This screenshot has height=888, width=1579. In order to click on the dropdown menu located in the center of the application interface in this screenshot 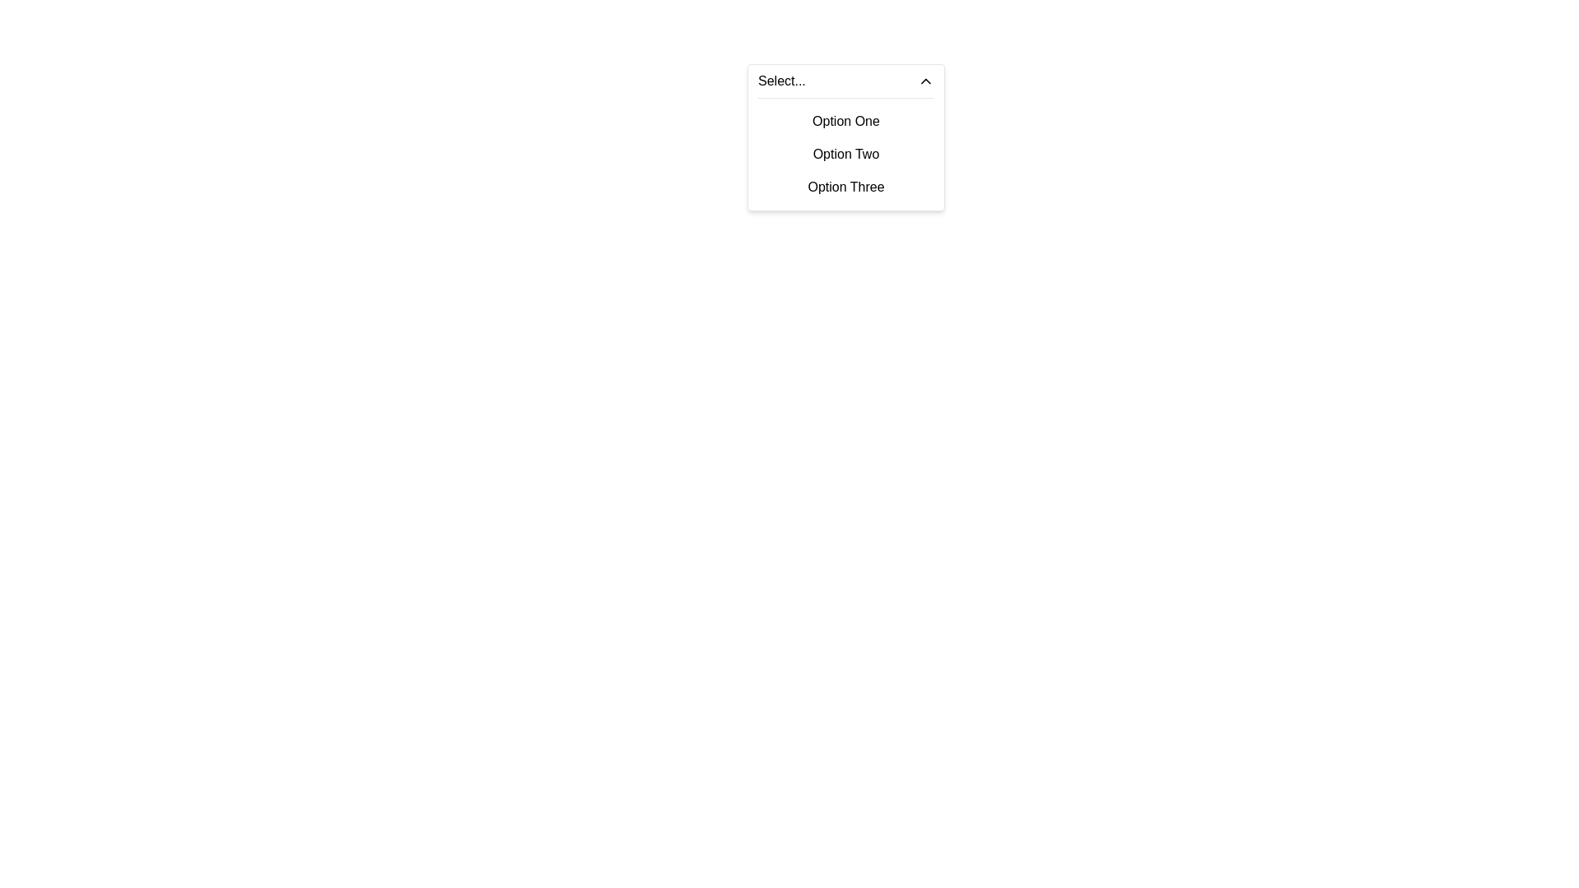, I will do `click(845, 136)`.